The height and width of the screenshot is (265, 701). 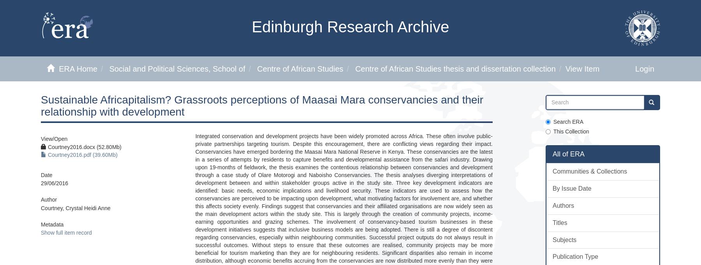 I want to click on 'By Issue Date', so click(x=552, y=188).